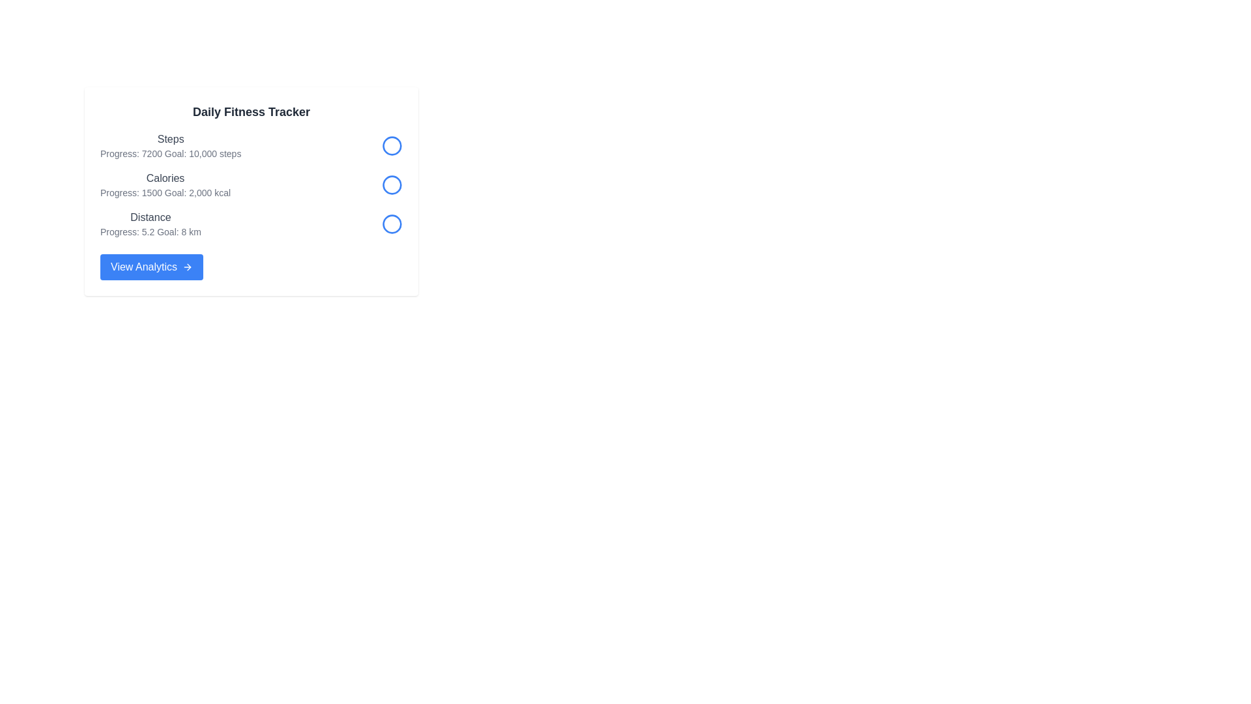 The image size is (1251, 704). I want to click on the Informational display section that summarizes daily fitness statistics, positioned below the 'Daily Fitness Tracker' title and above the 'View Analytics' button, so click(251, 185).